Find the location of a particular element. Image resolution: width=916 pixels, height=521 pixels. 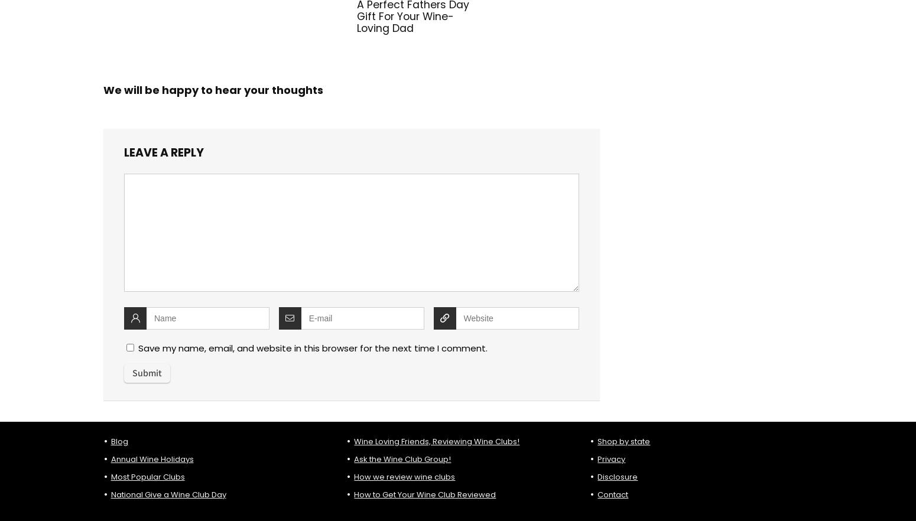

'Blog' is located at coordinates (118, 440).